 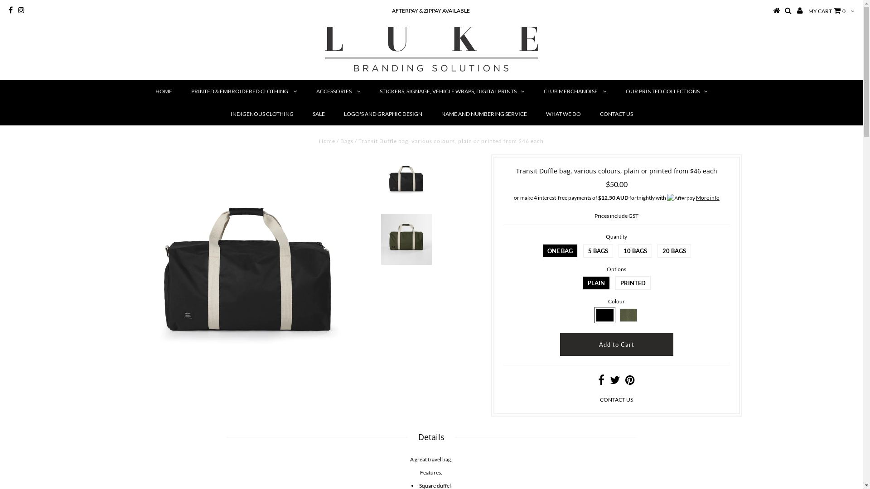 I want to click on 'Home', so click(x=326, y=141).